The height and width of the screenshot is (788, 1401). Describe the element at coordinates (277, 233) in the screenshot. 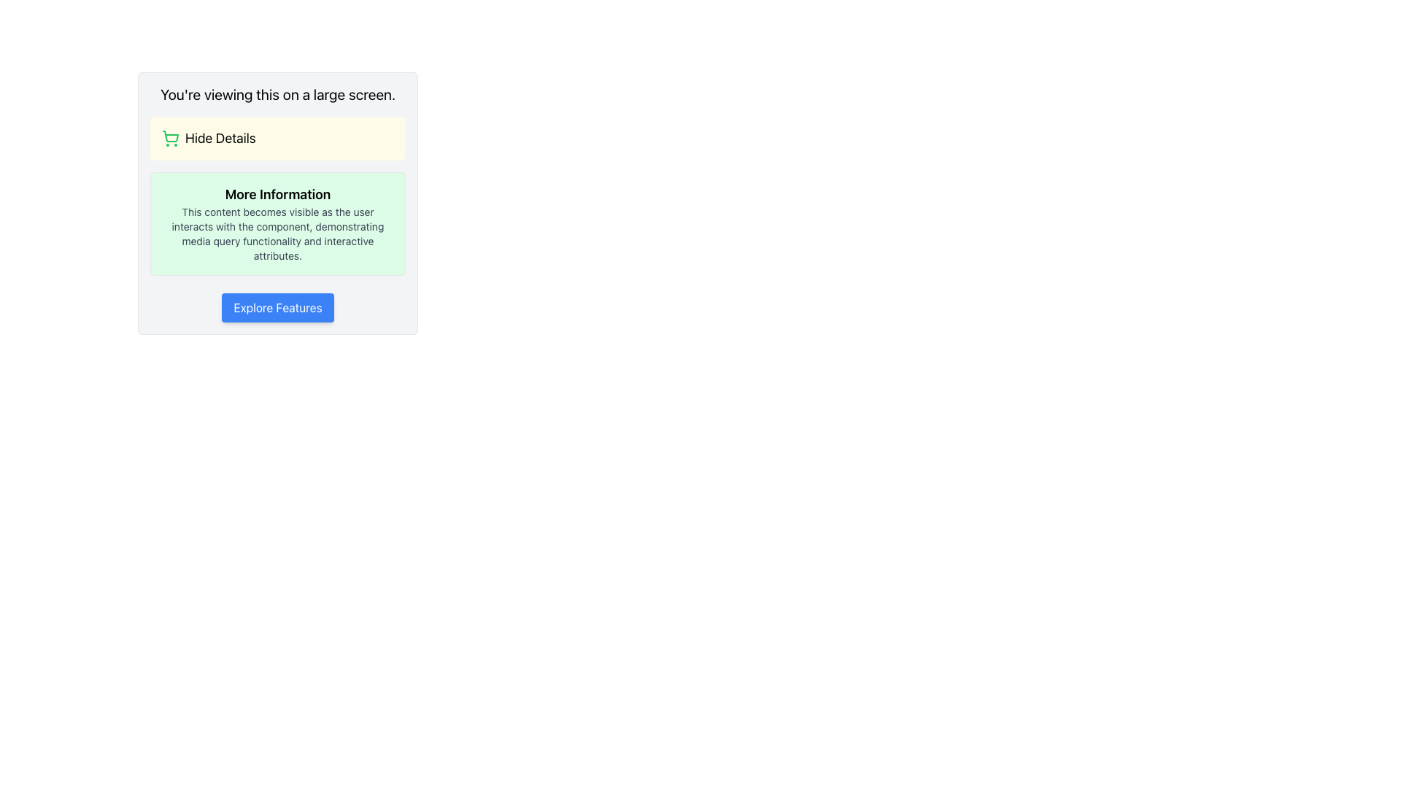

I see `the text block reading 'This content becomes visible as the user interacts with the component, demonstrating media query functionality and interactive attributes.' which is styled in a smaller gray font and located within the 'More Information' section` at that location.